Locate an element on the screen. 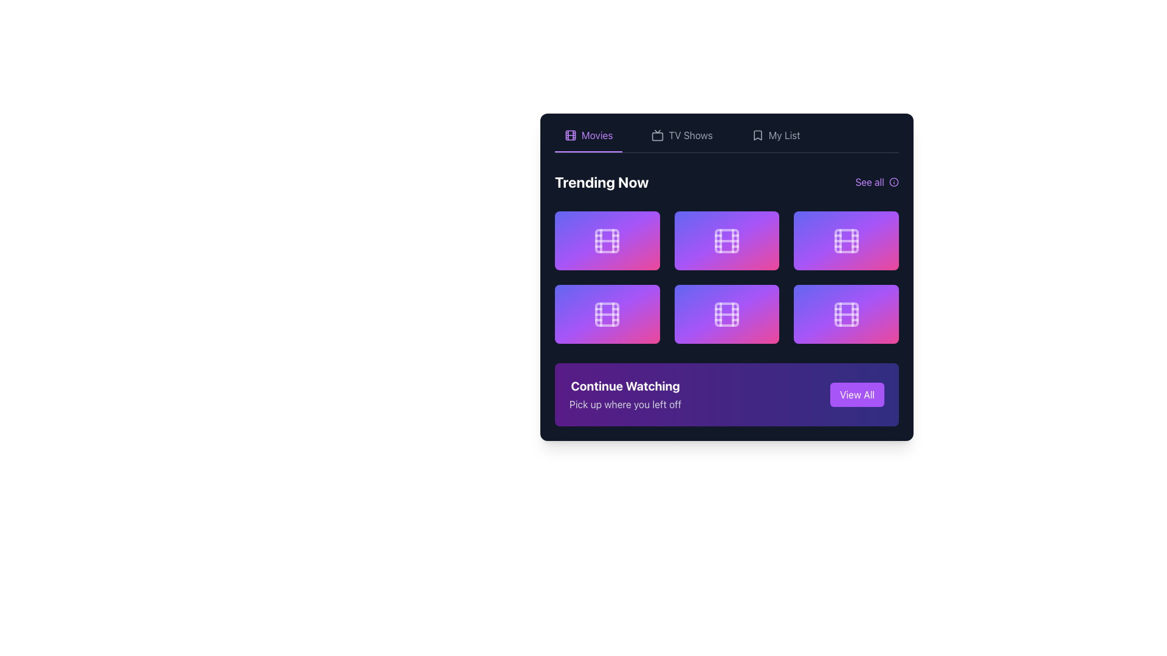  the active 'Movies' tab in the Navigation Tab Bar is located at coordinates (726, 140).